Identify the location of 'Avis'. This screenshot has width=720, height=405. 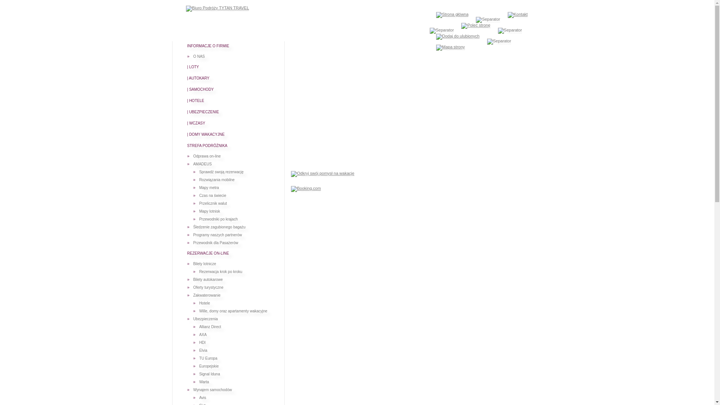
(202, 397).